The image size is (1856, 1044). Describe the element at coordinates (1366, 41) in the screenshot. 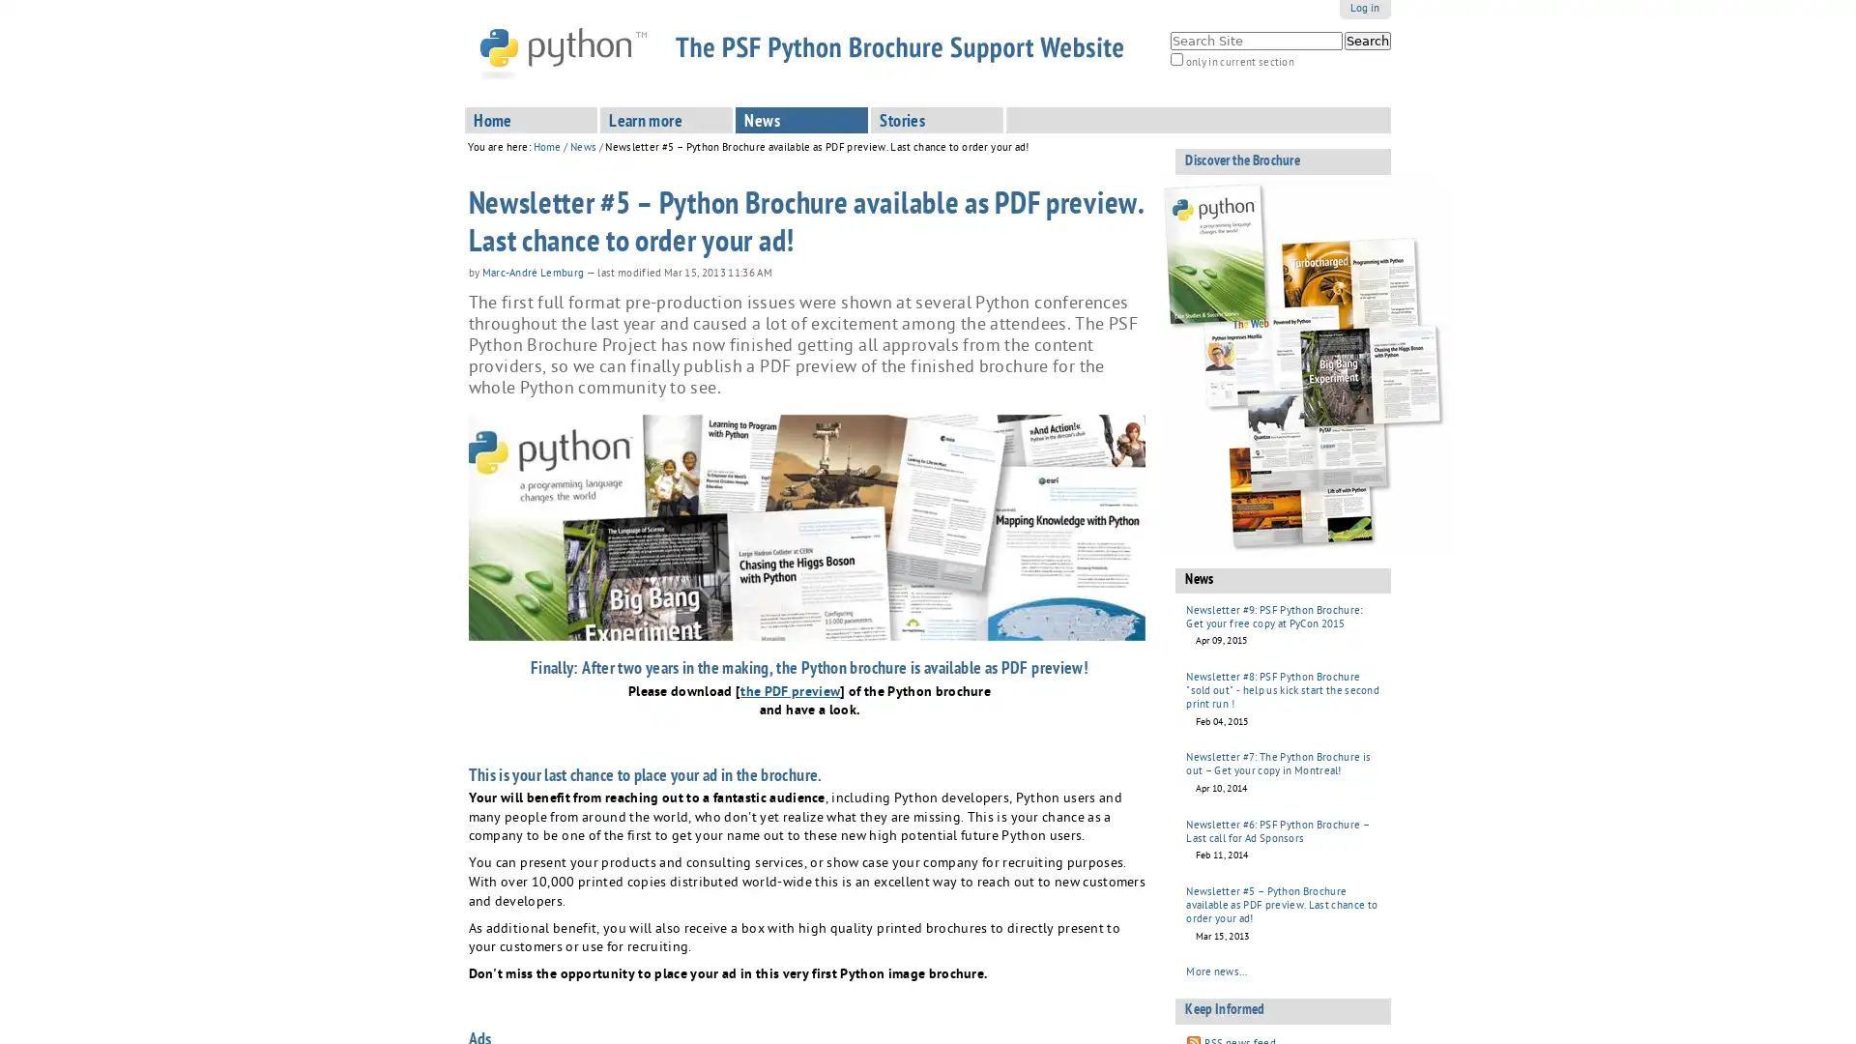

I see `Search` at that location.